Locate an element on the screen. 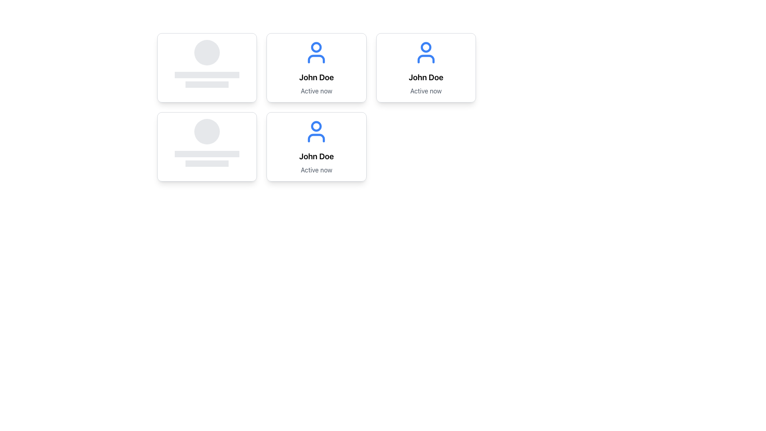 This screenshot has height=431, width=766. the static text label displaying 'John Doe', which is styled with a large bold font and located above the caption 'Active now' is located at coordinates (316, 77).